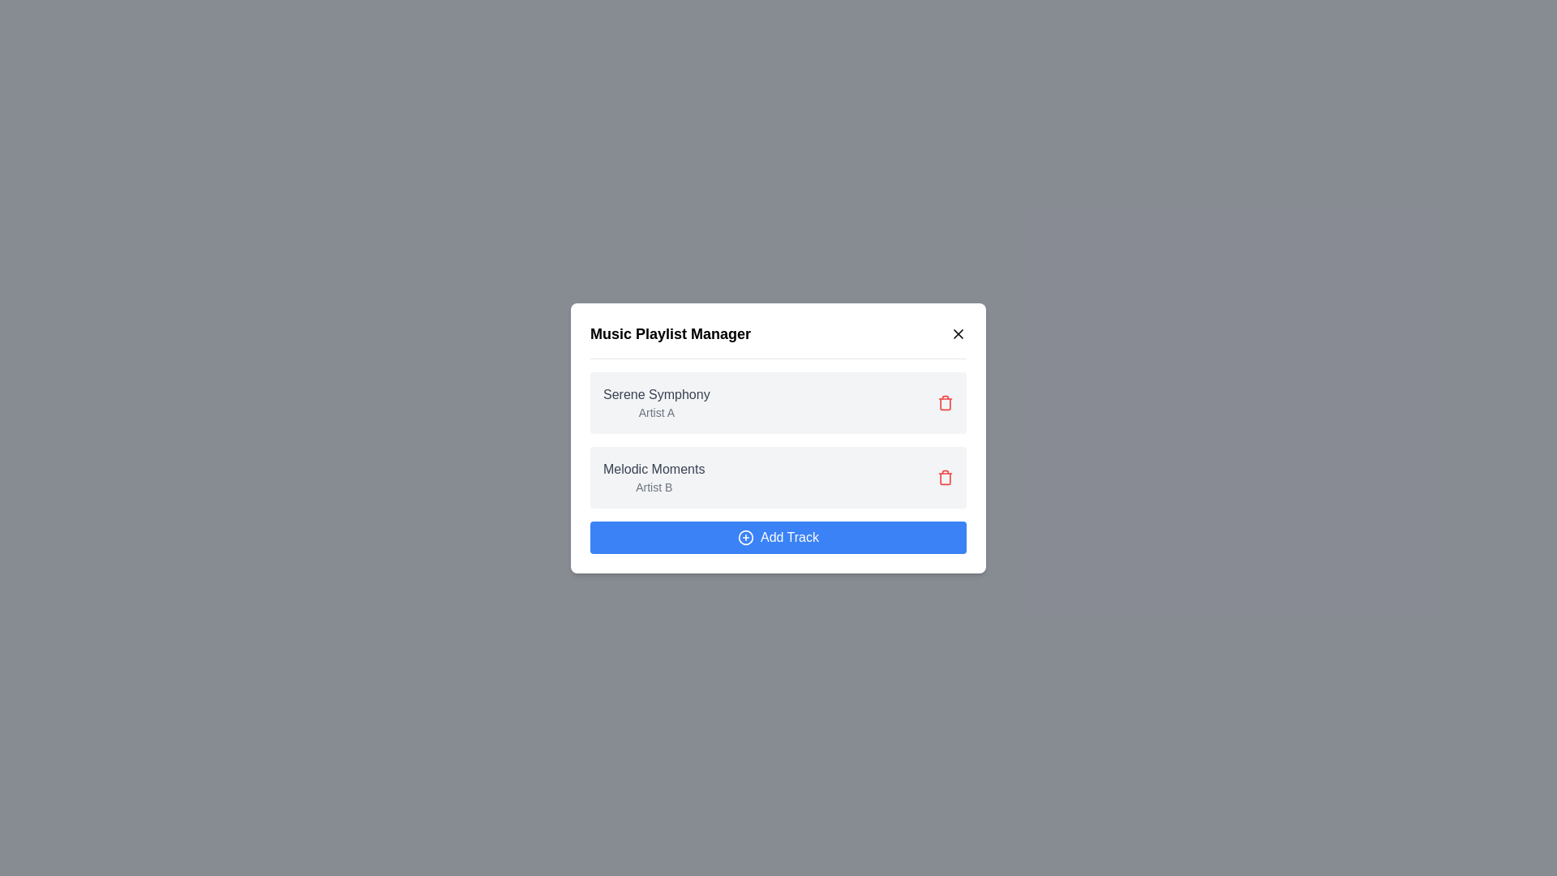 The width and height of the screenshot is (1557, 876). Describe the element at coordinates (958, 333) in the screenshot. I see `the 'X' icon button in the top-right section of the 'Music Playlist Manager' modal` at that location.